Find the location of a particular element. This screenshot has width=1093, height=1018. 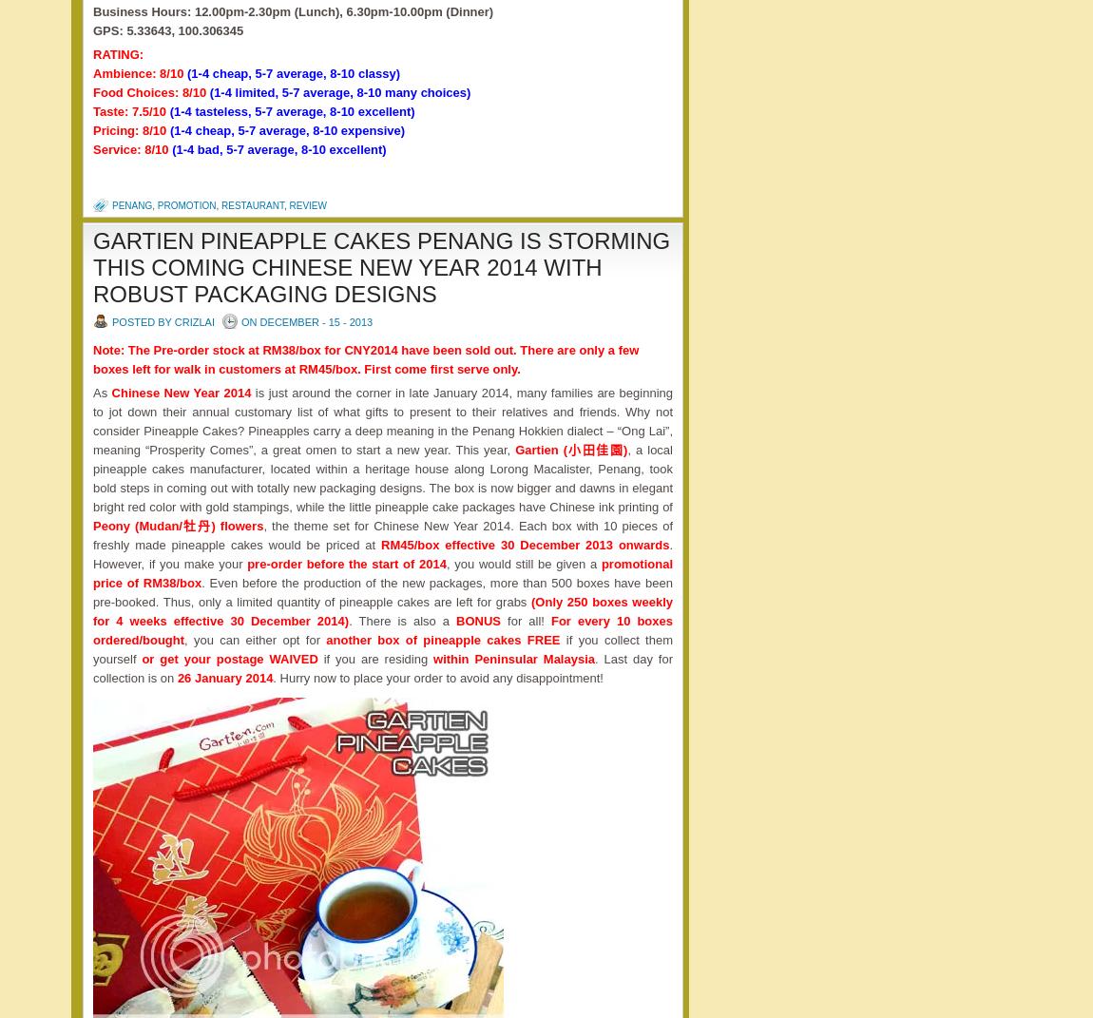

'is just around the corner in late January 2014, many families are beginning to jot down their annual customary list of what gifts to present to their relatives and friends. Why not consider Pineapple Cakes? Pineapples carry a deep meaning in the Penang Hokkien dialect – “Ong Lai”, meaning “Prosperity Comes”, a great omen to start a new year. This year,' is located at coordinates (382, 421).